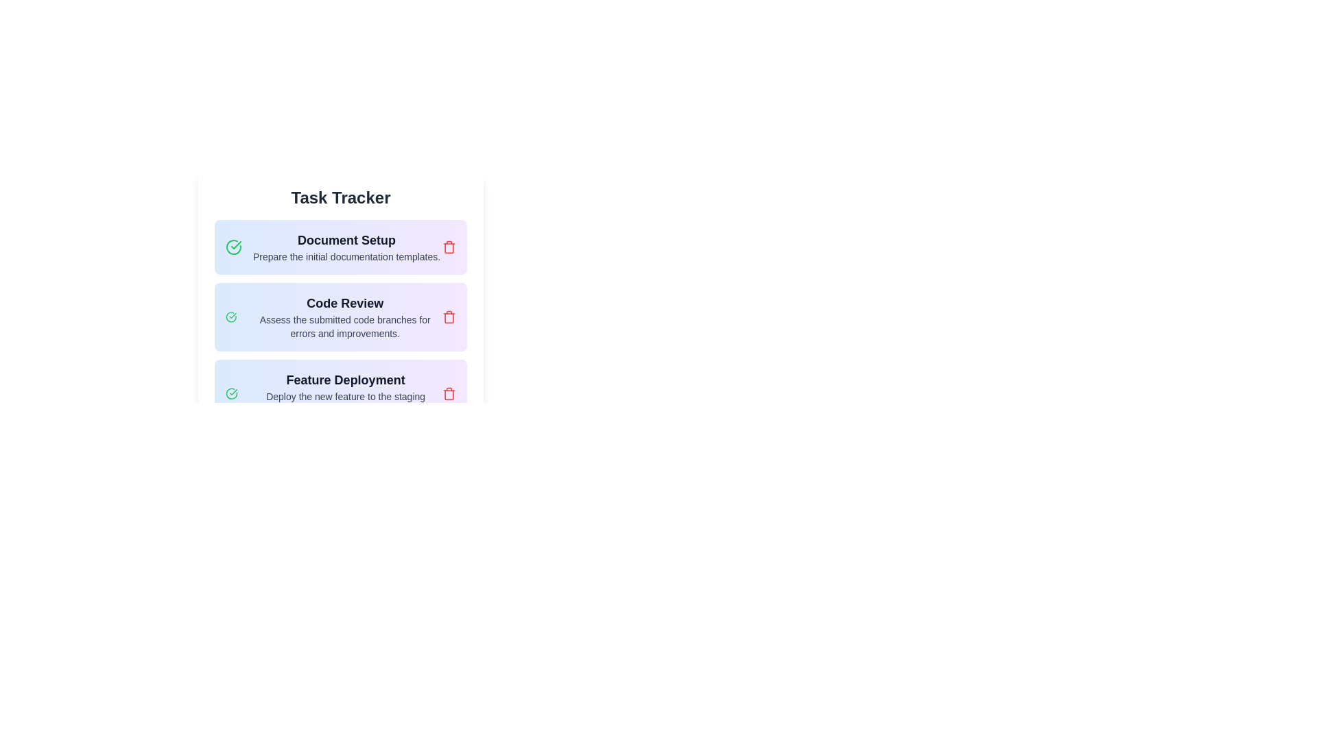 The image size is (1317, 740). I want to click on content displayed in the text label containing the sentence 'Assess the submitted code branches for errors and improvements.' located below the 'Code Review' header in the task tracker, so click(345, 327).